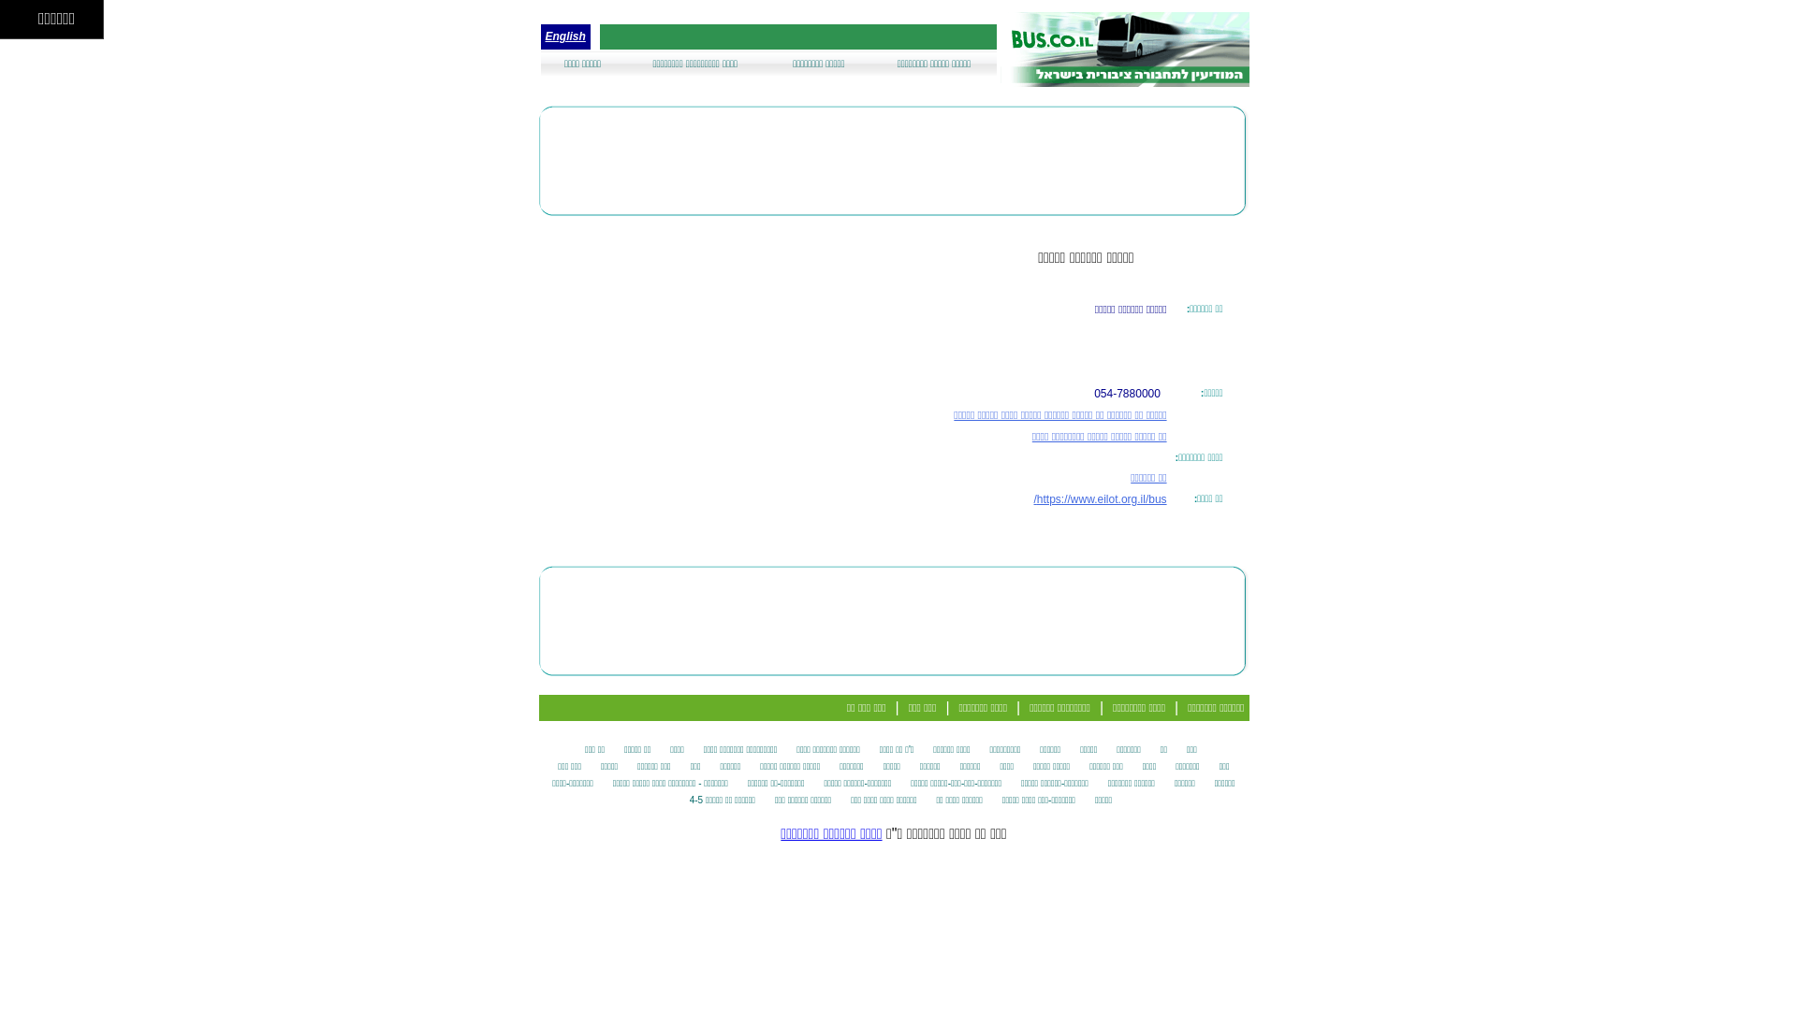  Describe the element at coordinates (1100, 498) in the screenshot. I see `'https://www.eilot.org.il/bus/'` at that location.